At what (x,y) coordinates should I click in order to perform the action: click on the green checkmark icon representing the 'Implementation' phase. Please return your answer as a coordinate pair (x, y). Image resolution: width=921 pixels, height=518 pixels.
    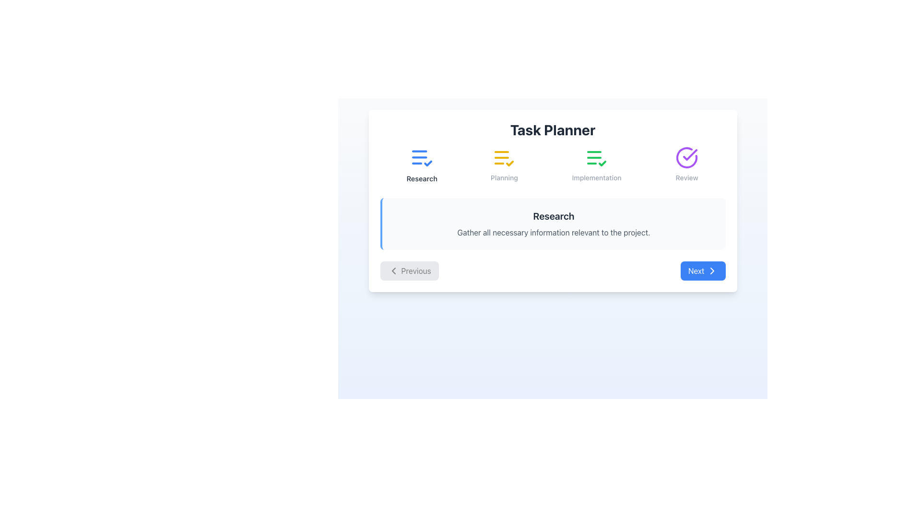
    Looking at the image, I should click on (596, 157).